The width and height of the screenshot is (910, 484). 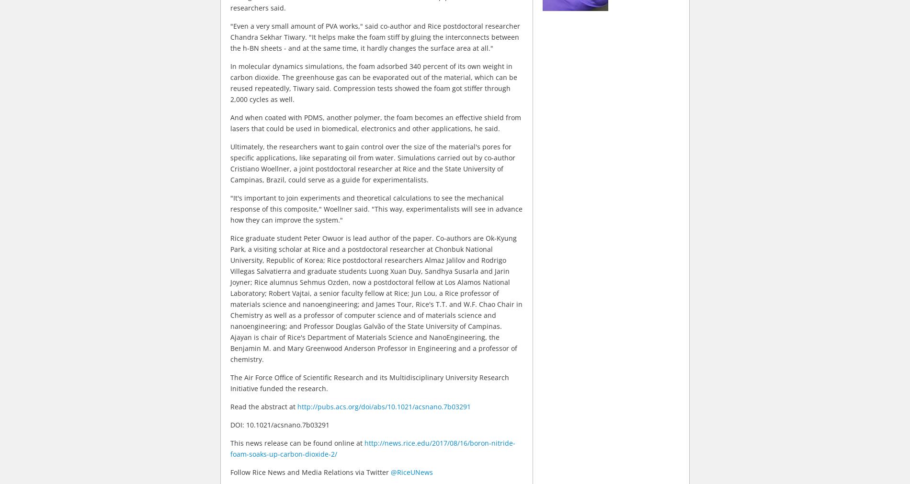 I want to click on 'This news release can be found online at', so click(x=297, y=442).